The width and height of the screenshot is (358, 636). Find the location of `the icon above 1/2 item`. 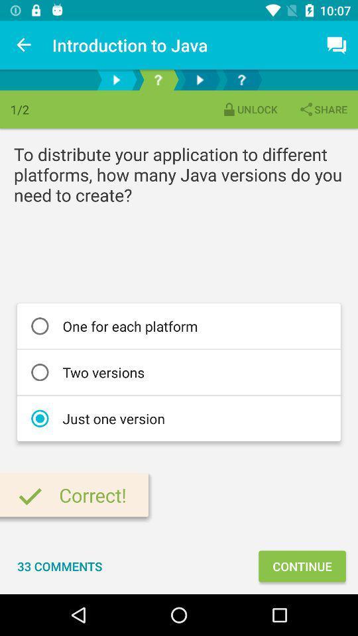

the icon above 1/2 item is located at coordinates (24, 45).